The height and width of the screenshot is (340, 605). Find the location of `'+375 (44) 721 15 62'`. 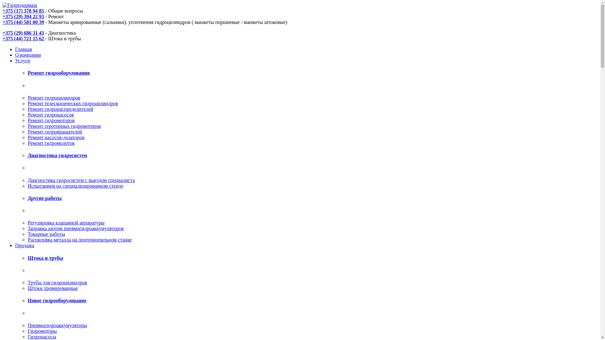

'+375 (44) 721 15 62' is located at coordinates (23, 38).